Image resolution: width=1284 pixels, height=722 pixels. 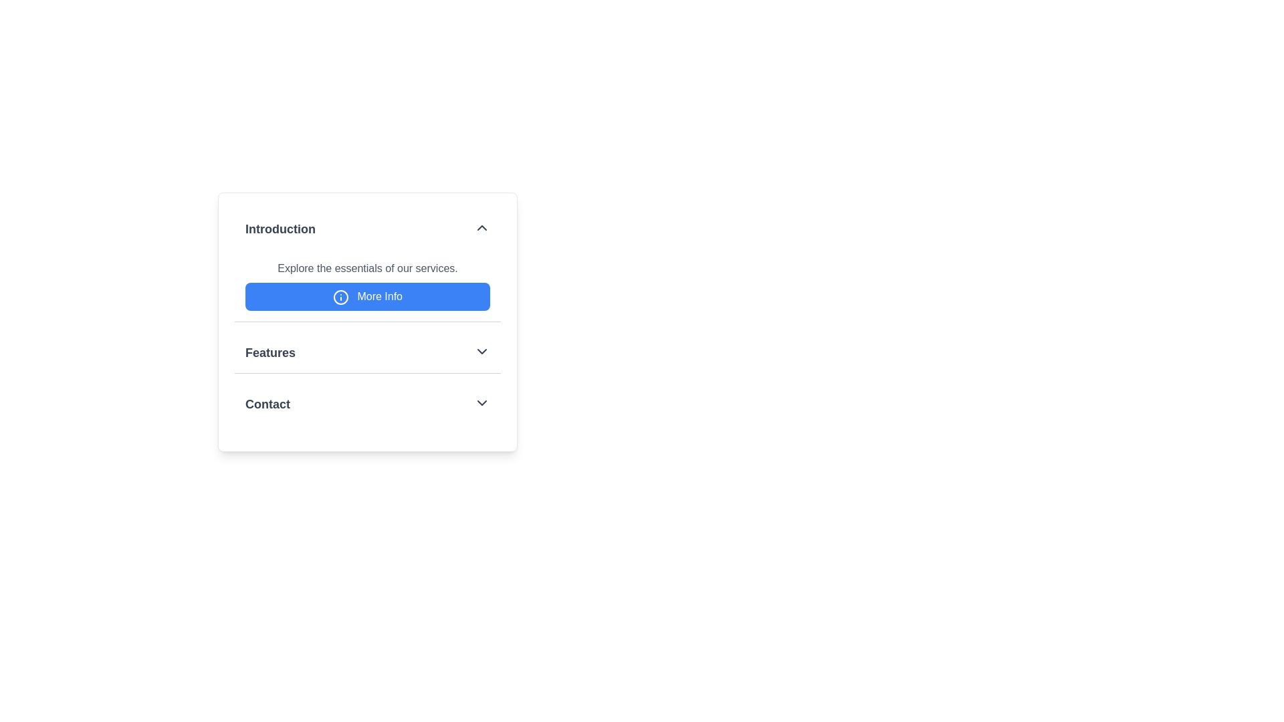 I want to click on descriptive text in the first section that introduces a topic or feature, which includes a 'More Info' button, so click(x=368, y=265).